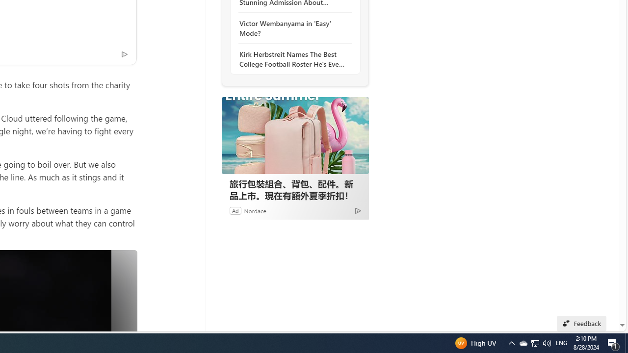 This screenshot has width=628, height=353. Describe the element at coordinates (255, 210) in the screenshot. I see `'Nordace'` at that location.